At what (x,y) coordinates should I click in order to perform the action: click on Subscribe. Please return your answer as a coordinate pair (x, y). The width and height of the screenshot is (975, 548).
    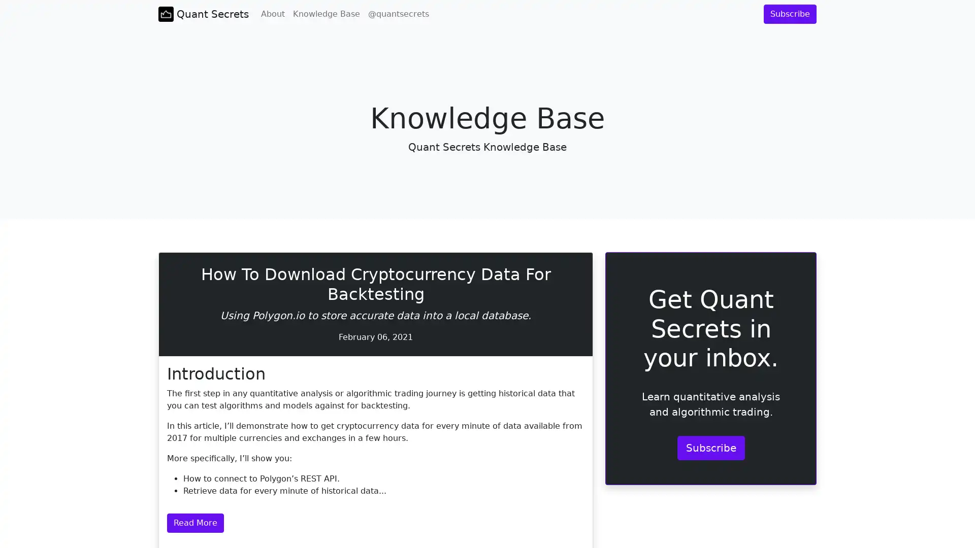
    Looking at the image, I should click on (710, 447).